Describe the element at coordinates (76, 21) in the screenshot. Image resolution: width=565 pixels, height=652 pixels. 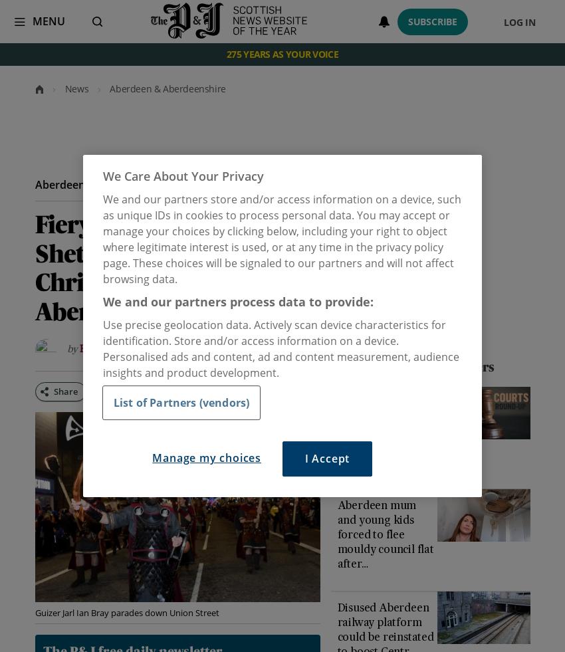
I see `'Go'` at that location.